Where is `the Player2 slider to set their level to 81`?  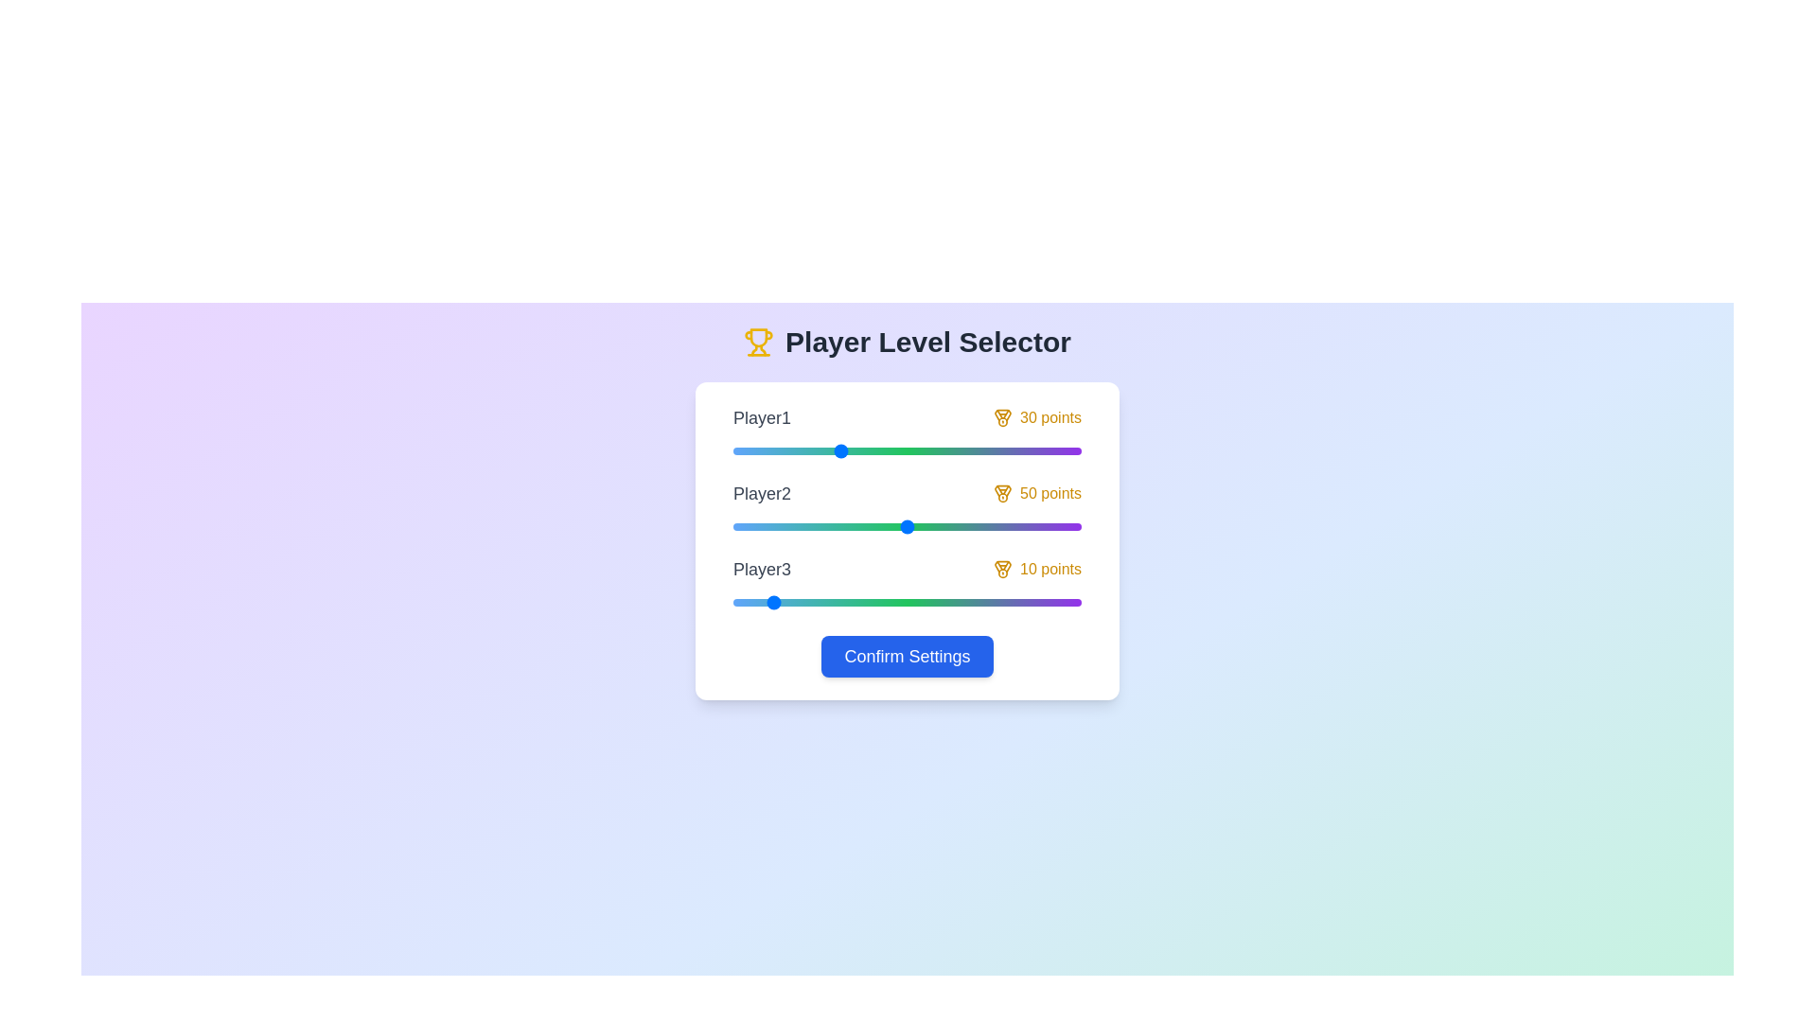 the Player2 slider to set their level to 81 is located at coordinates (1014, 526).